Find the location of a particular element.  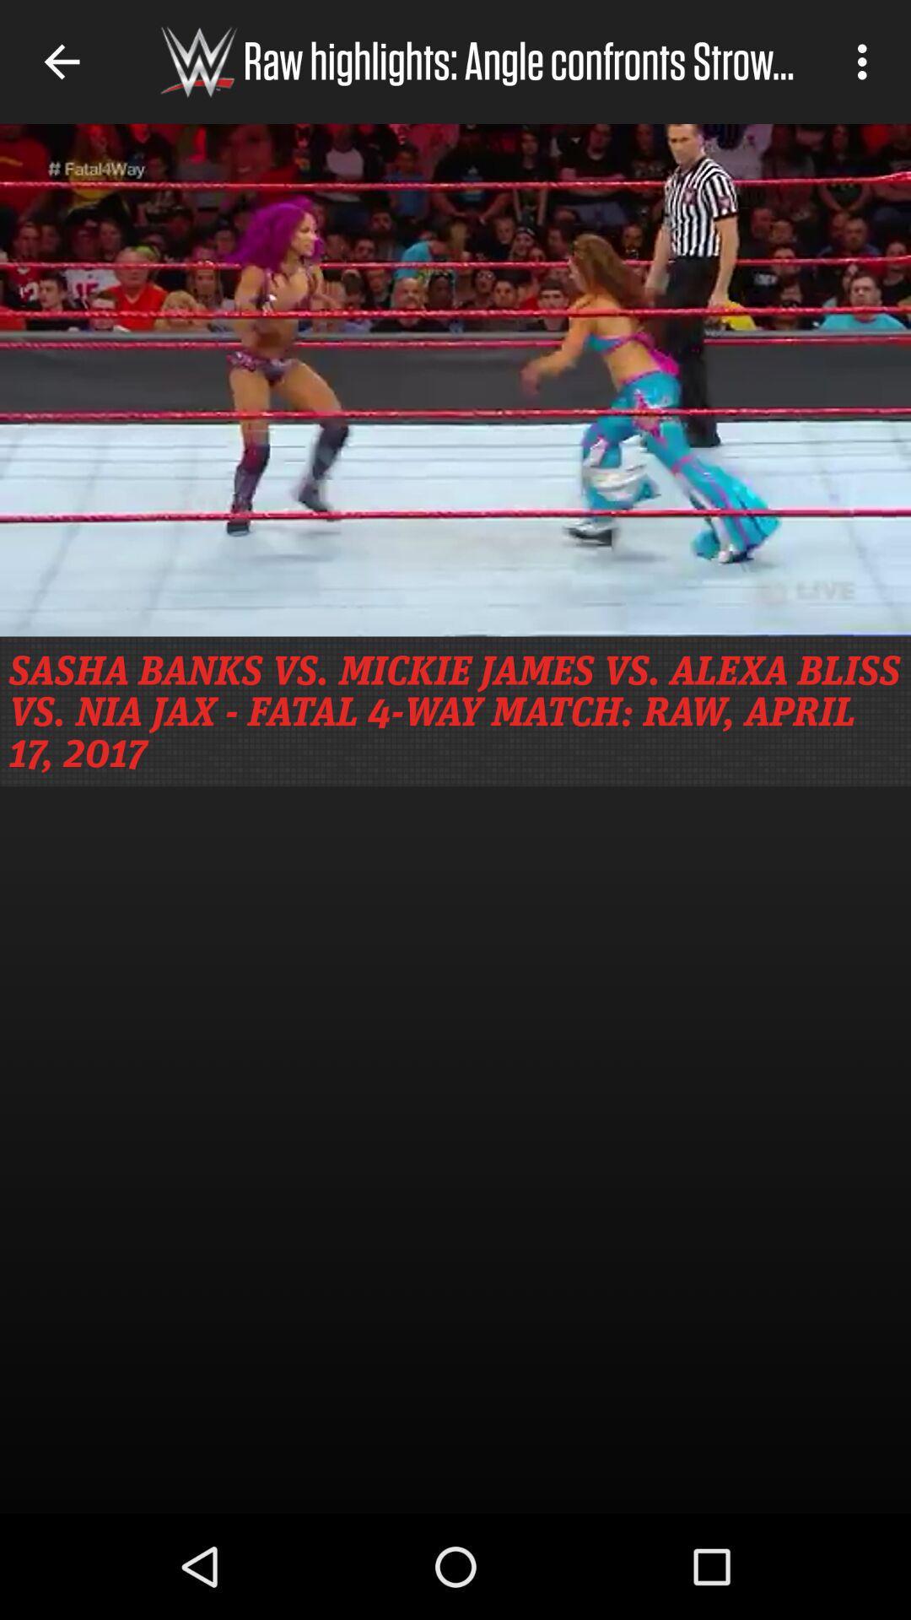

icon to the right of raw highlights angle is located at coordinates (866, 62).